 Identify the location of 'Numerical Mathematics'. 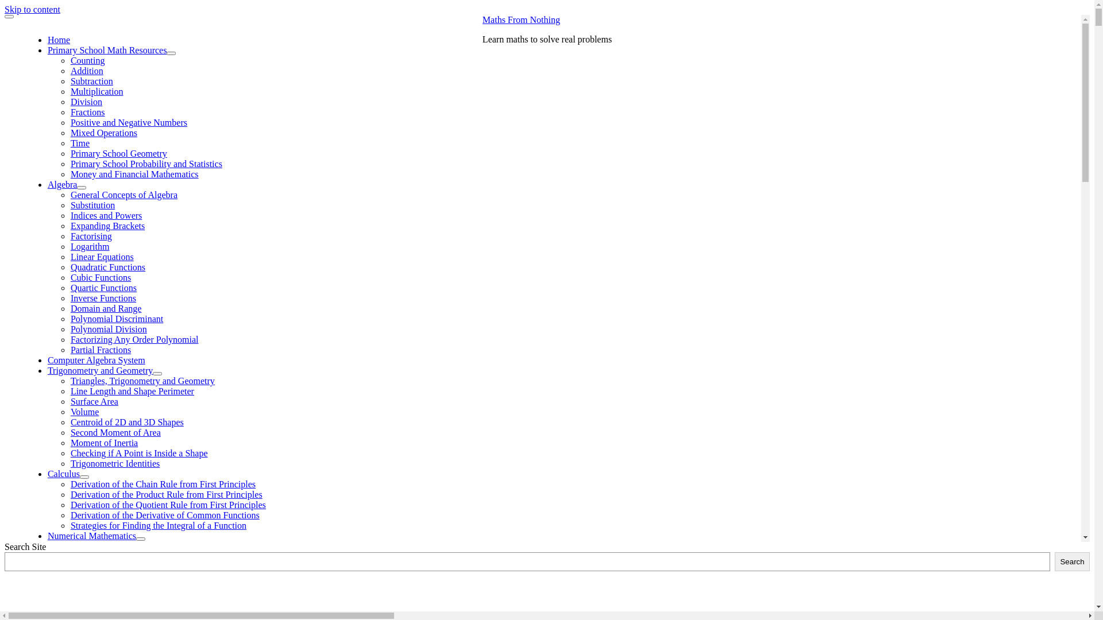
(91, 536).